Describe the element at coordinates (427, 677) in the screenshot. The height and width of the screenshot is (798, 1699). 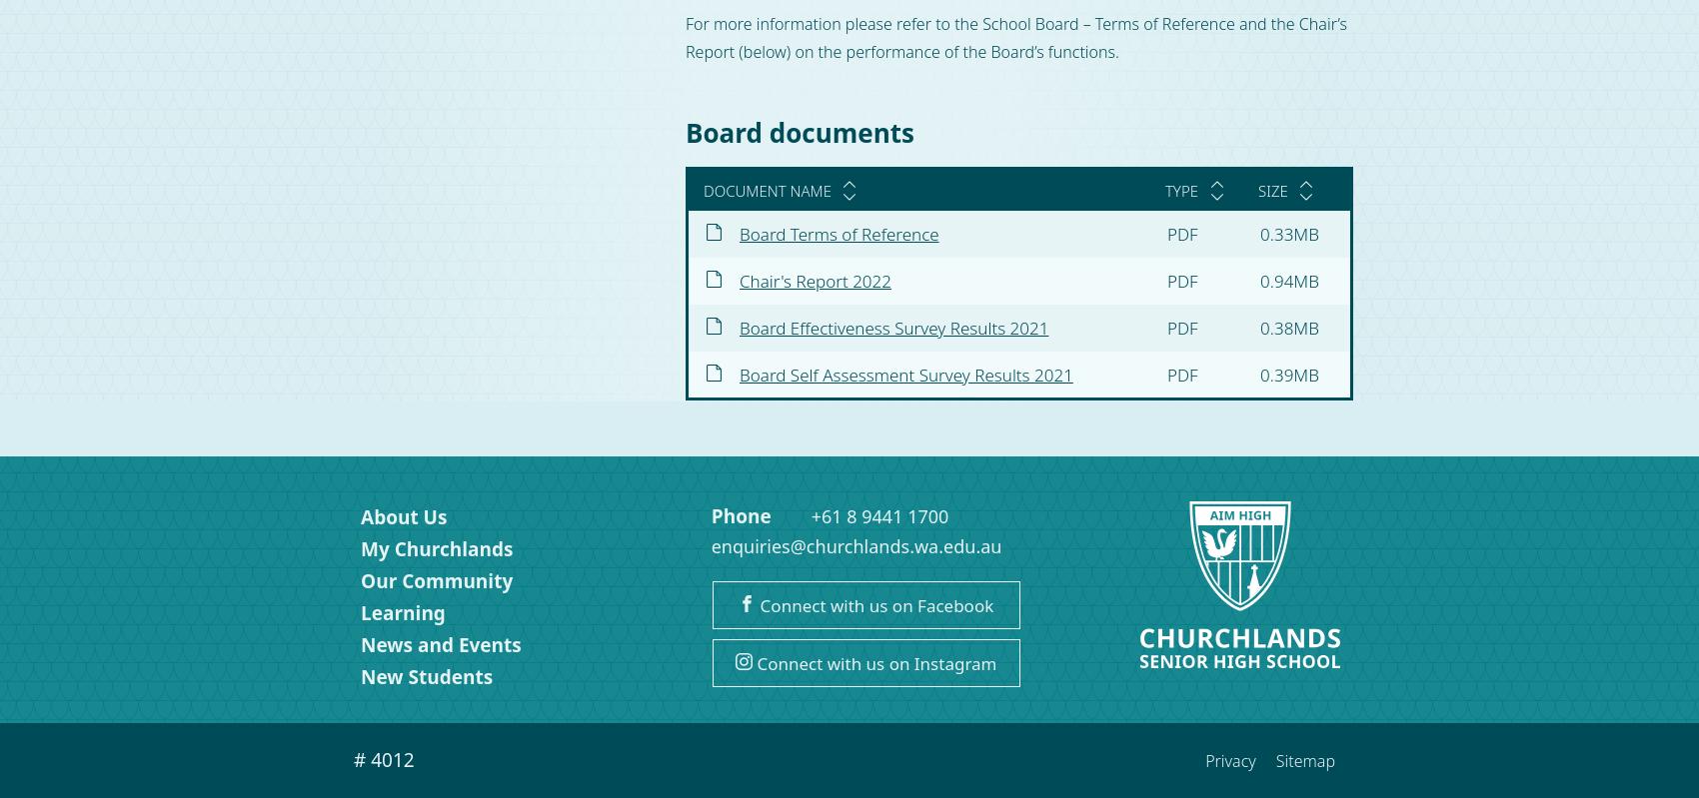
I see `'New Students'` at that location.